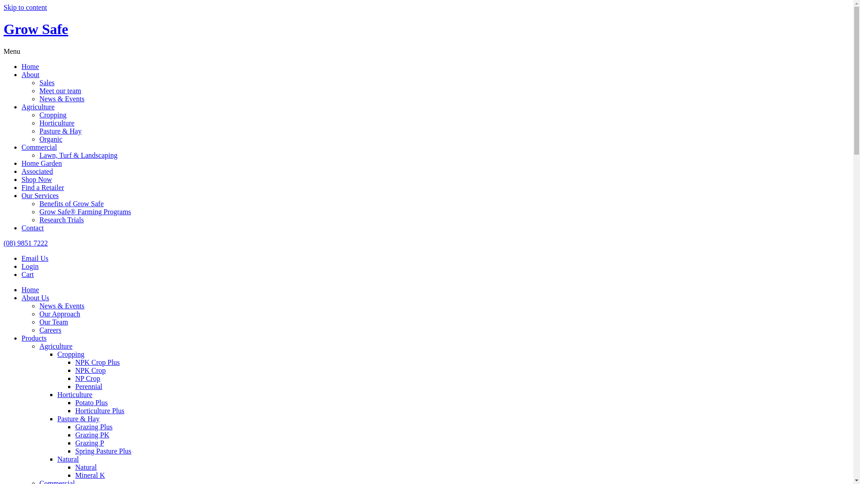 The width and height of the screenshot is (860, 484). What do you see at coordinates (32, 227) in the screenshot?
I see `'Contact'` at bounding box center [32, 227].